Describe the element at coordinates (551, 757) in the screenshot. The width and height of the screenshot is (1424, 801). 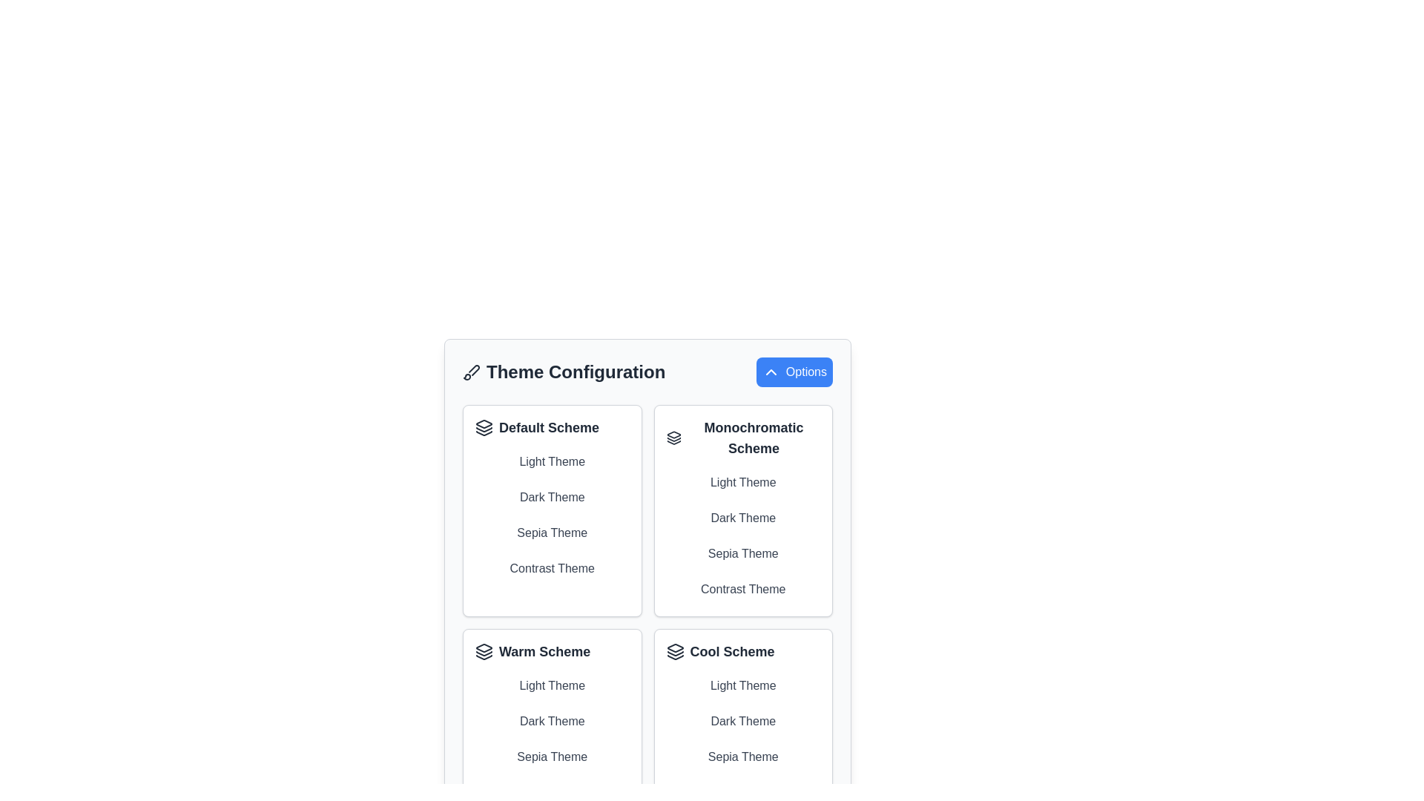
I see `the 'Sepia' theme text label located within the 'Warm Scheme' theme options` at that location.